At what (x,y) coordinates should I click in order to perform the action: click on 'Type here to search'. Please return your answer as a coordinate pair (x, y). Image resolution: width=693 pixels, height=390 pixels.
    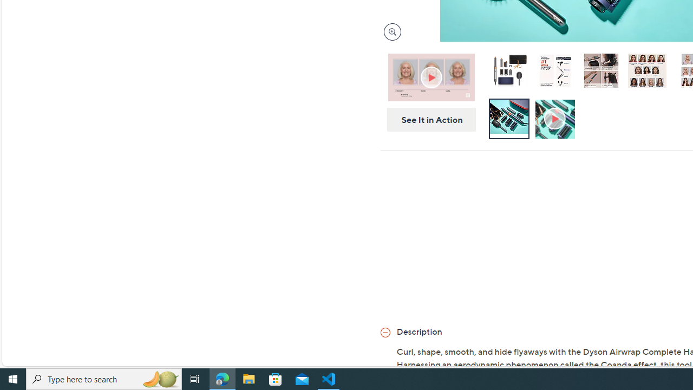
    Looking at the image, I should click on (104, 378).